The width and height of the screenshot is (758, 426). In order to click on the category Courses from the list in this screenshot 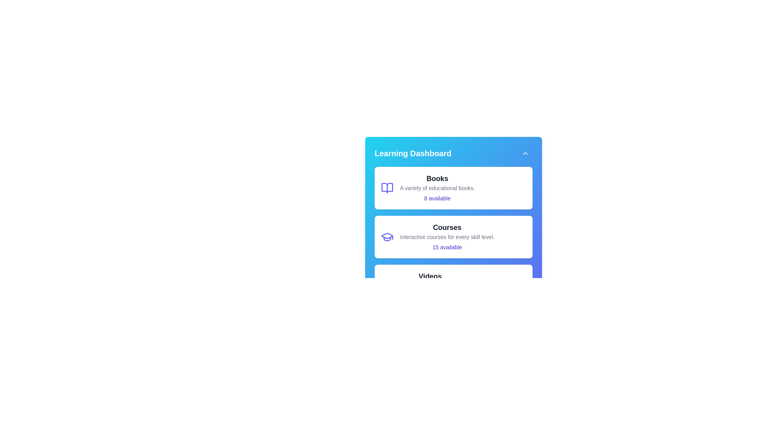, I will do `click(453, 237)`.